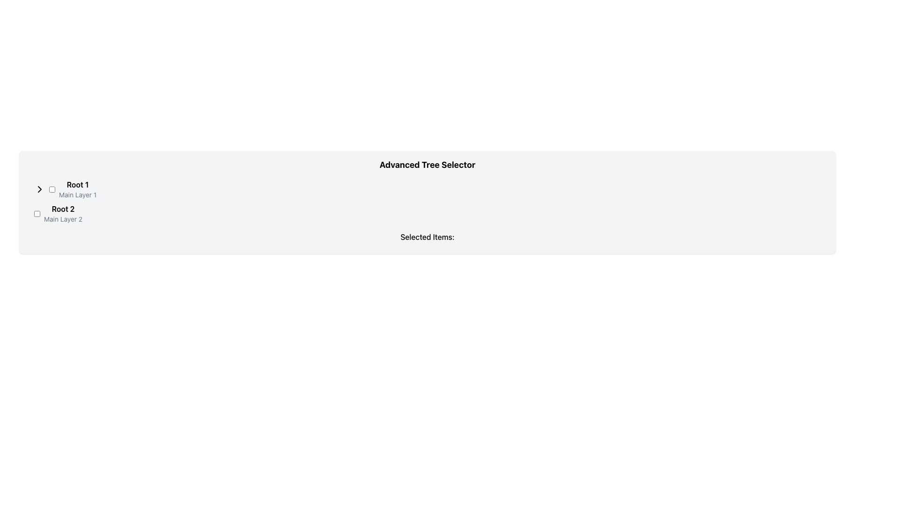  Describe the element at coordinates (39, 189) in the screenshot. I see `the chevron icon located to the left of the 'Root 1' label` at that location.